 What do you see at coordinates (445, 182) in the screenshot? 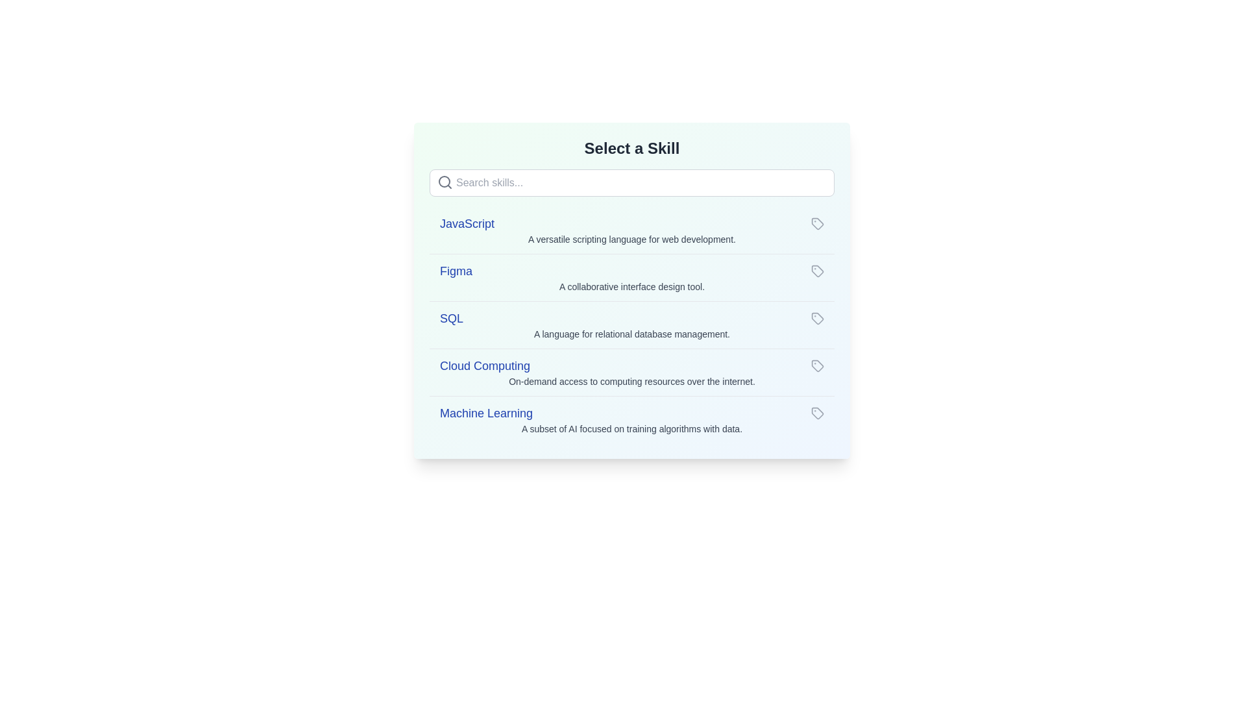
I see `the circular decorative component of the search icon located within the SVG element at the top of the interface` at bounding box center [445, 182].